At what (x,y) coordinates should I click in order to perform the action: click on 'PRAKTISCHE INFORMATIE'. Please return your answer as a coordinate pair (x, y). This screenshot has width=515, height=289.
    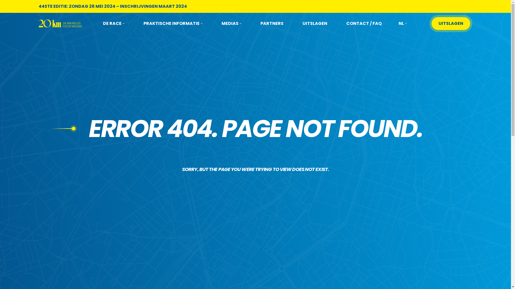
    Looking at the image, I should click on (173, 23).